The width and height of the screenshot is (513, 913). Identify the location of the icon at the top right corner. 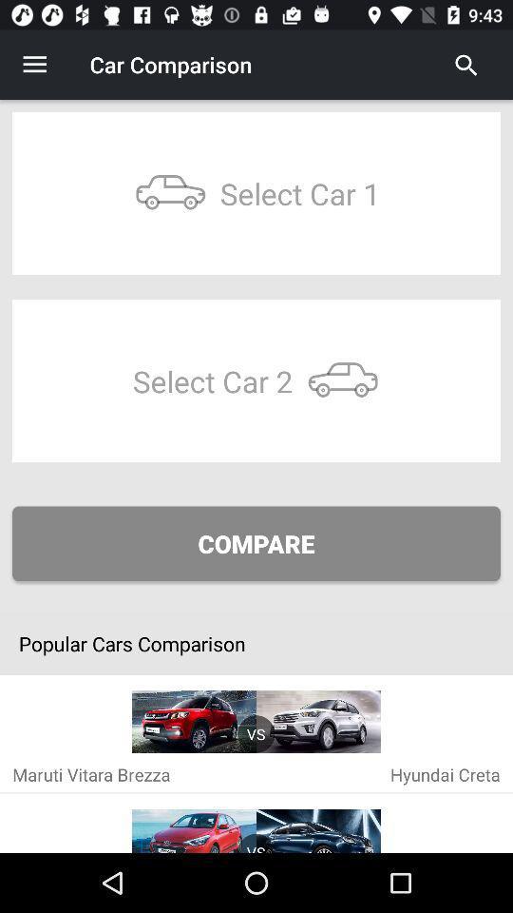
(465, 65).